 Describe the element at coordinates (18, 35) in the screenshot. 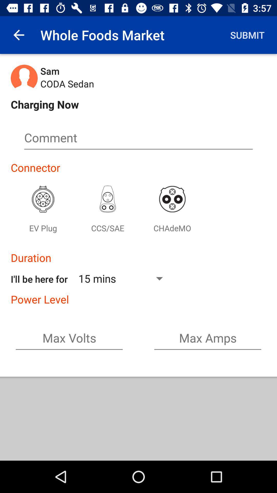

I see `back option` at that location.